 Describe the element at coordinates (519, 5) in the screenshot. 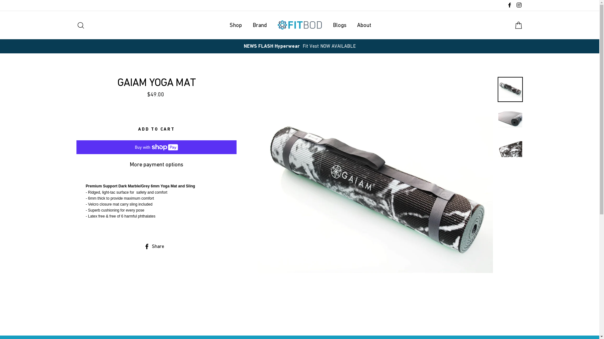

I see `'Instagram'` at that location.